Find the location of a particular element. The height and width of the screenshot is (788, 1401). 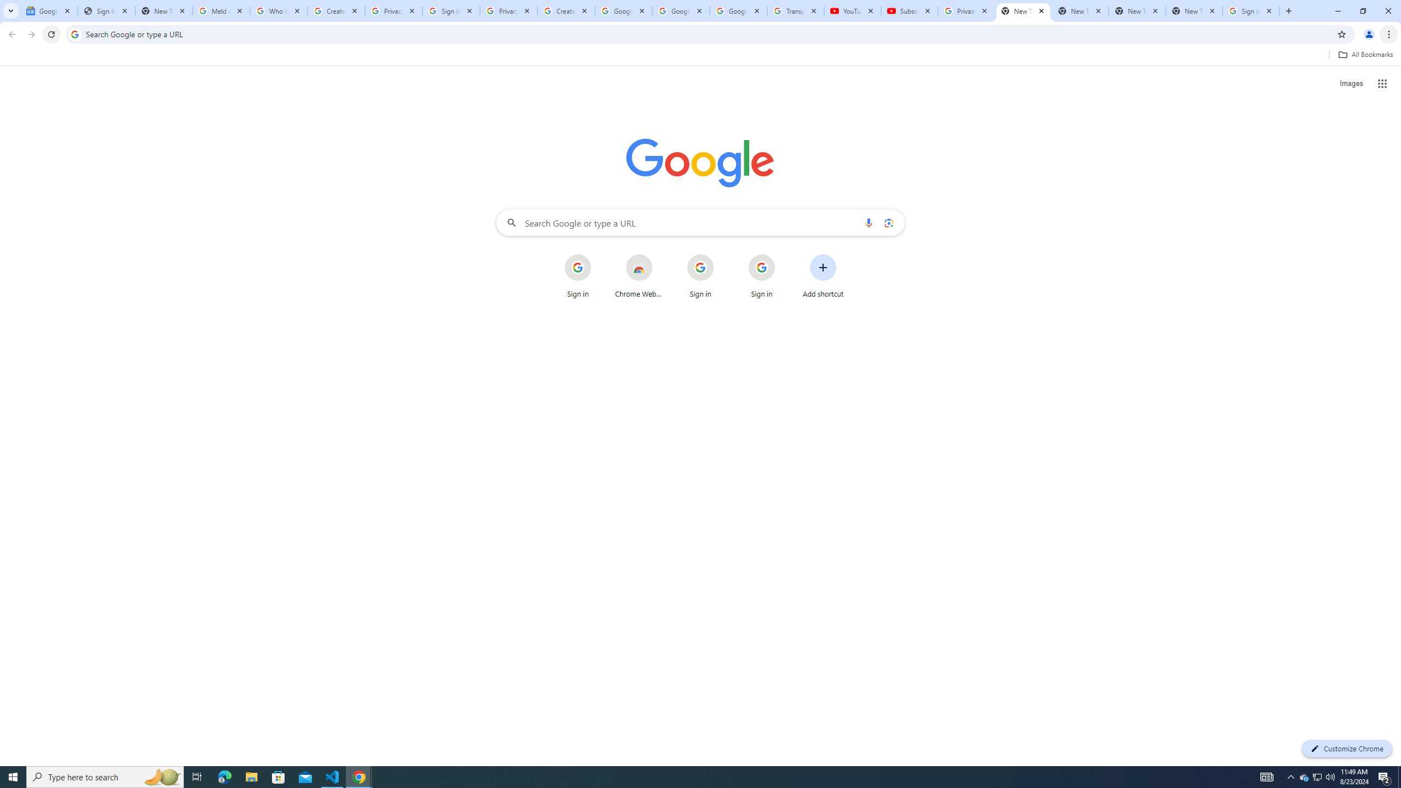

'Who is my administrator? - Google Account Help' is located at coordinates (279, 10).